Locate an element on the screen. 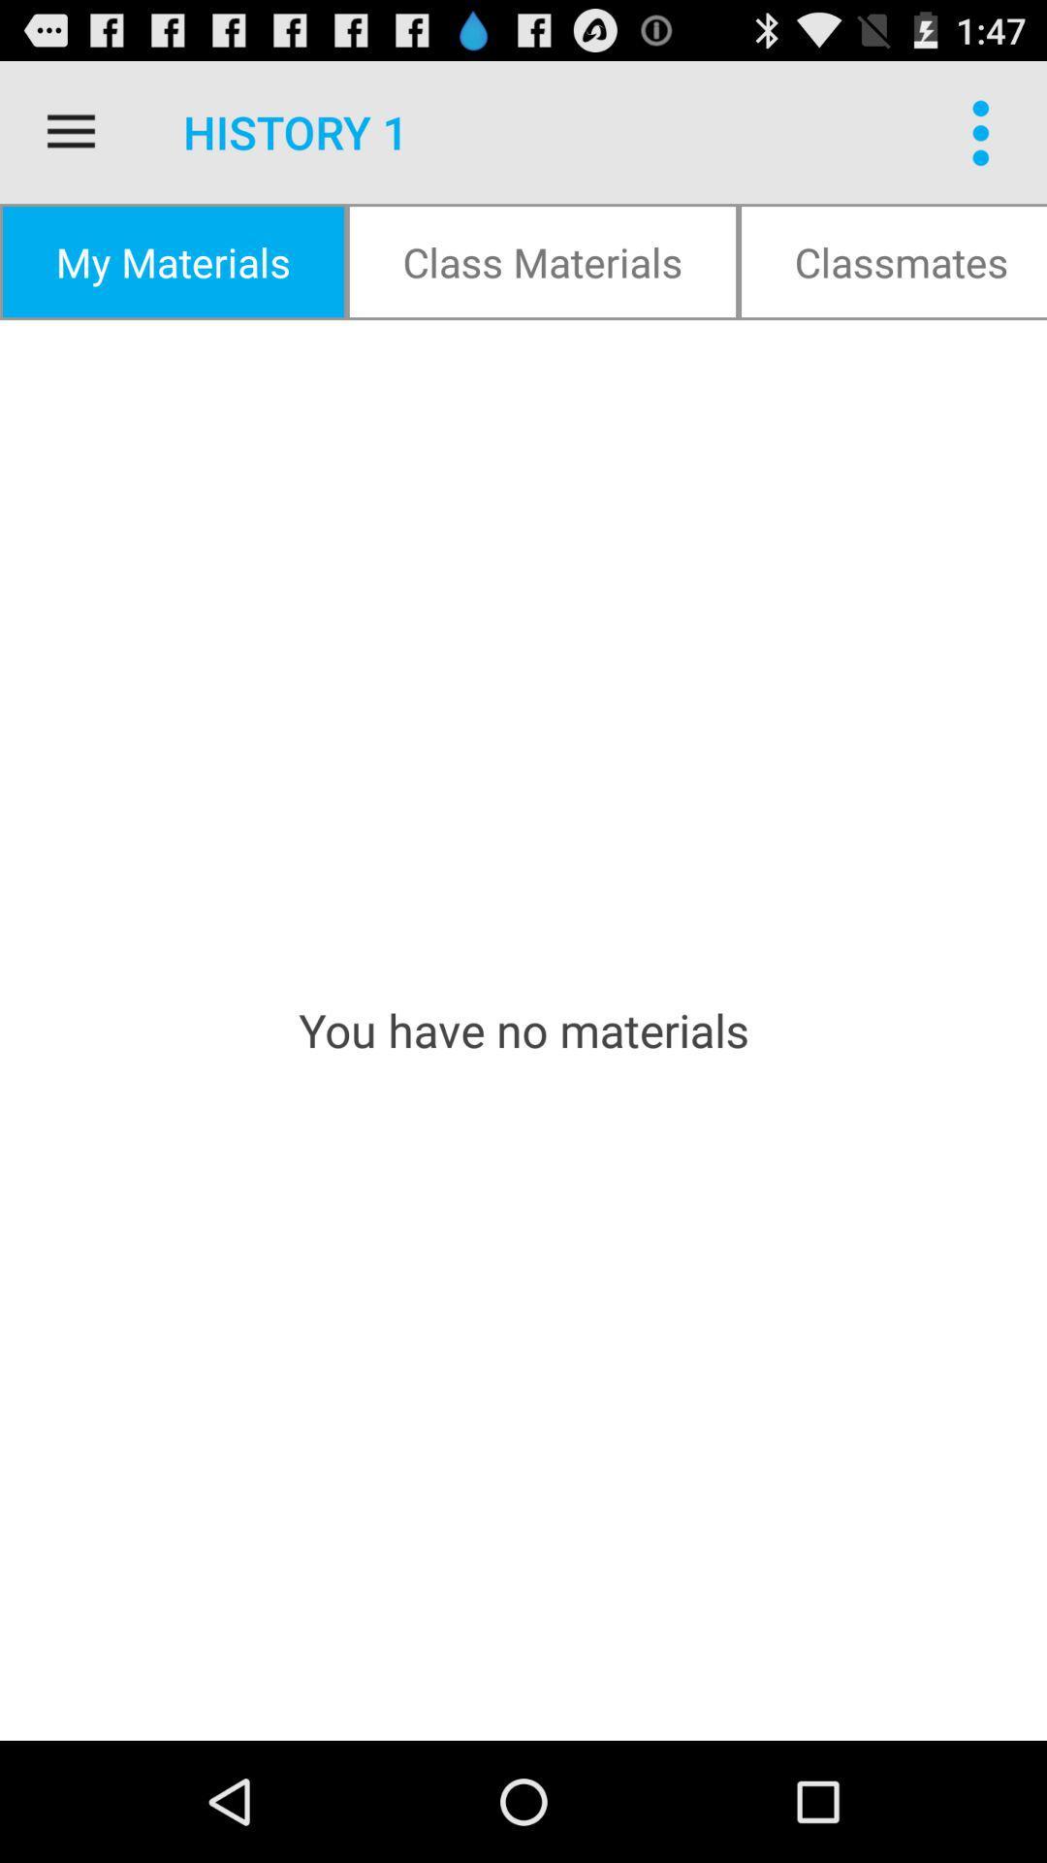 Image resolution: width=1047 pixels, height=1863 pixels. the icon next to the class materials item is located at coordinates (172, 260).